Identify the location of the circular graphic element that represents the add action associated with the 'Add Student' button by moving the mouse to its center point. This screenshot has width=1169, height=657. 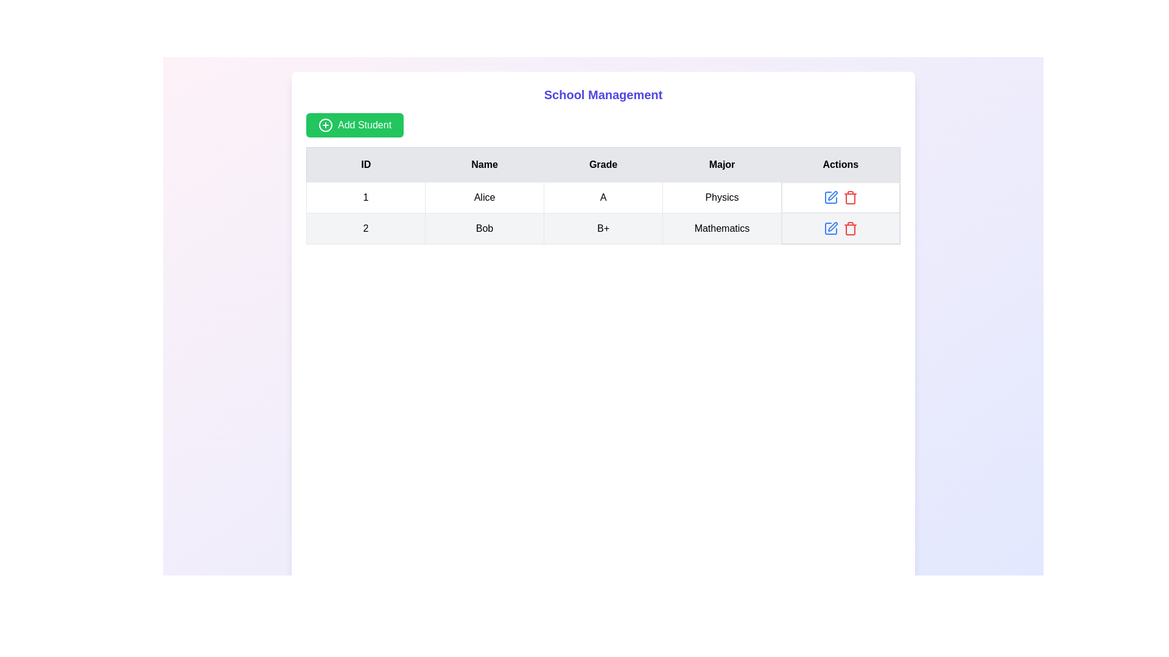
(325, 125).